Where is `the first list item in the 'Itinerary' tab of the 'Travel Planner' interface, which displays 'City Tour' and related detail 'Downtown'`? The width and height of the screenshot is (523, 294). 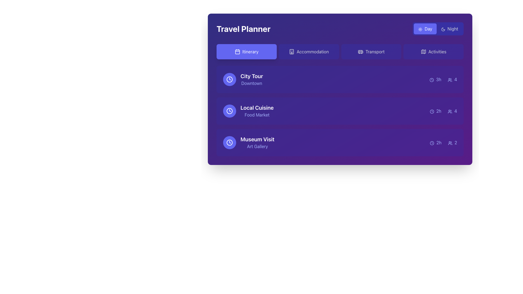 the first list item in the 'Itinerary' tab of the 'Travel Planner' interface, which displays 'City Tour' and related detail 'Downtown' is located at coordinates (243, 79).